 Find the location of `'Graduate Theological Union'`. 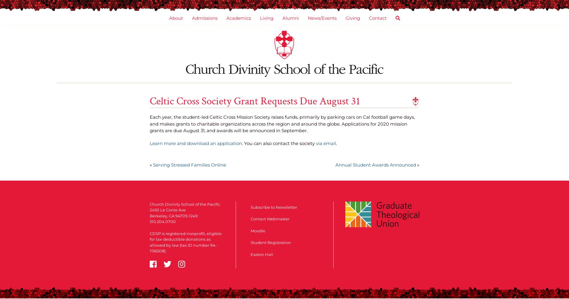

'Graduate Theological Union' is located at coordinates (302, 57).